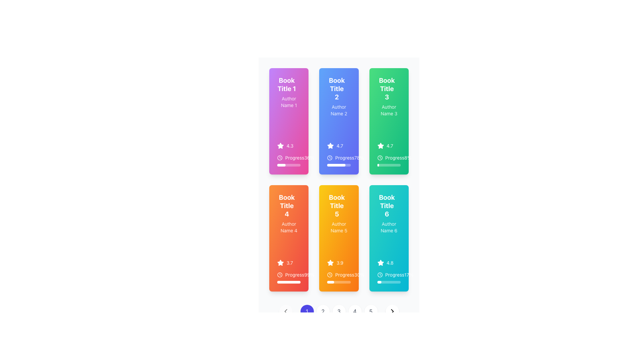 The image size is (639, 359). I want to click on the circular outer border of the clock face within the icon located in the lower right section of the card labeled 'Book Title 6', which is adjacent to the text 'Progress17%' and above a progress bar, so click(380, 275).